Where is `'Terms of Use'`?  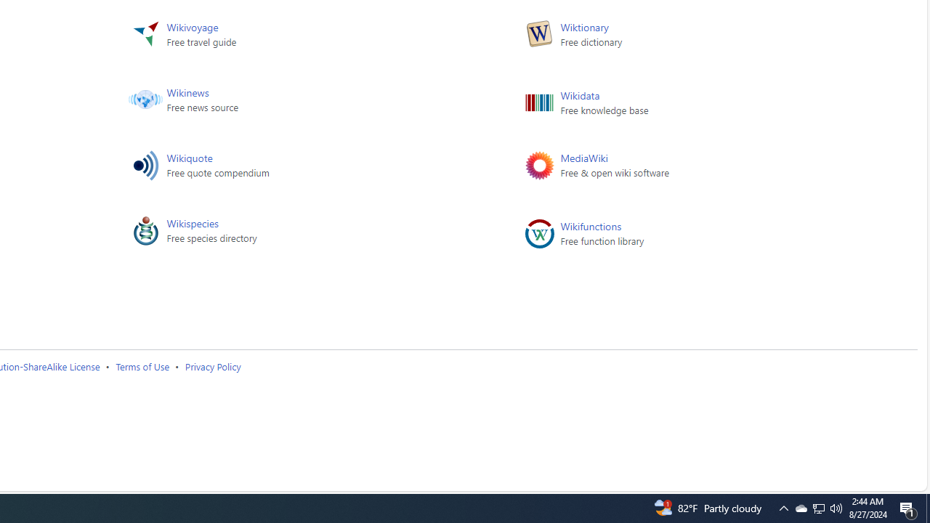
'Terms of Use' is located at coordinates (142, 365).